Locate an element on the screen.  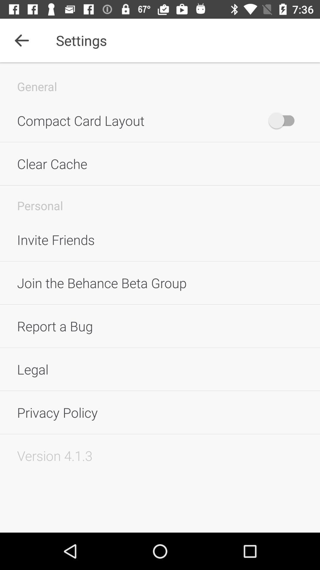
the item below the join the behance is located at coordinates (160, 326).